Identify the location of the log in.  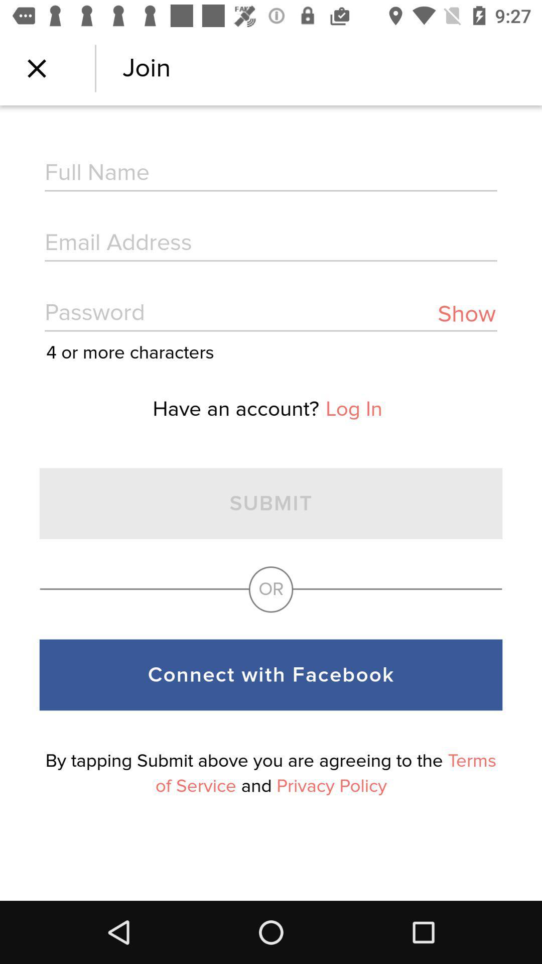
(353, 409).